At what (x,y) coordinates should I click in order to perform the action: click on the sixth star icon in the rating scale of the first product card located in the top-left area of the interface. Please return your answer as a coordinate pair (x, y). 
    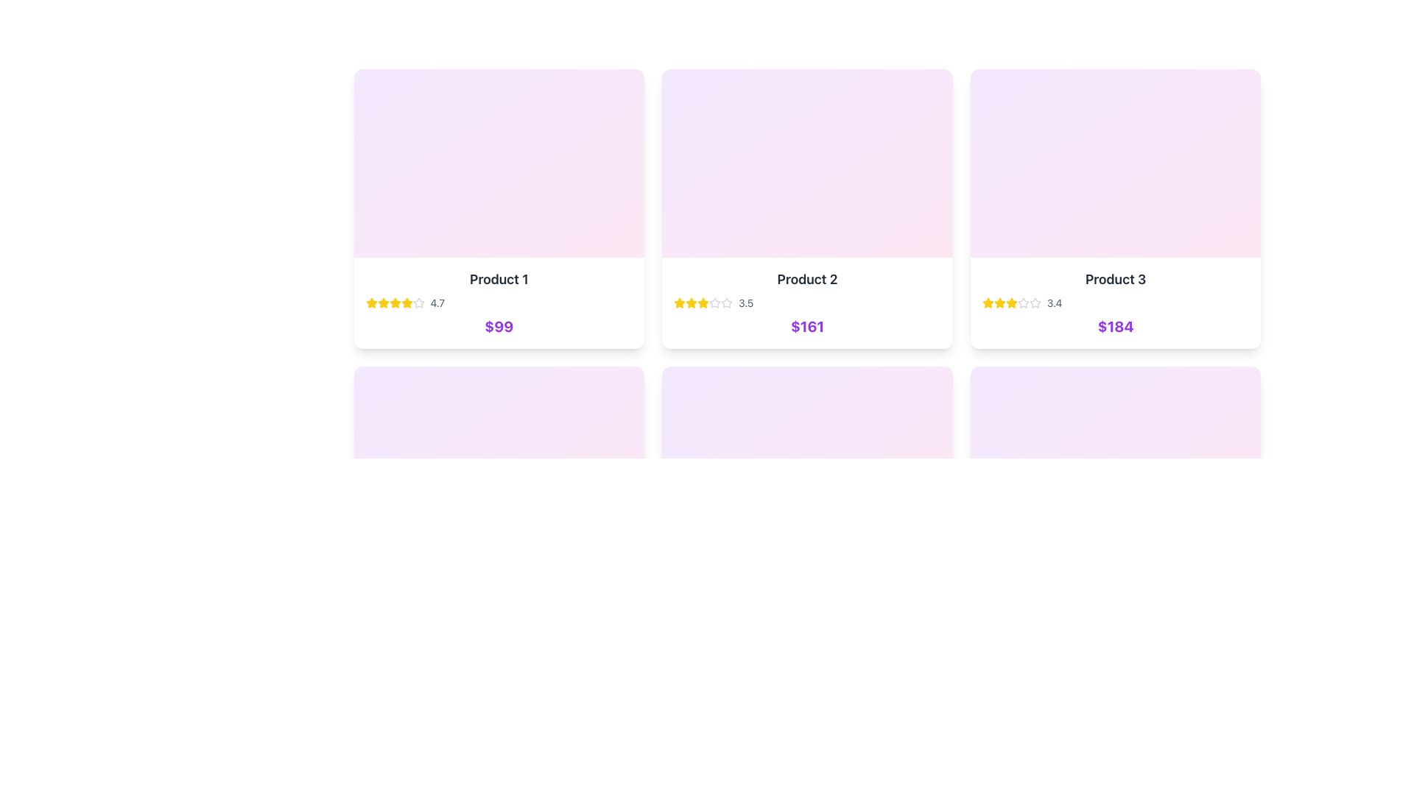
    Looking at the image, I should click on (418, 303).